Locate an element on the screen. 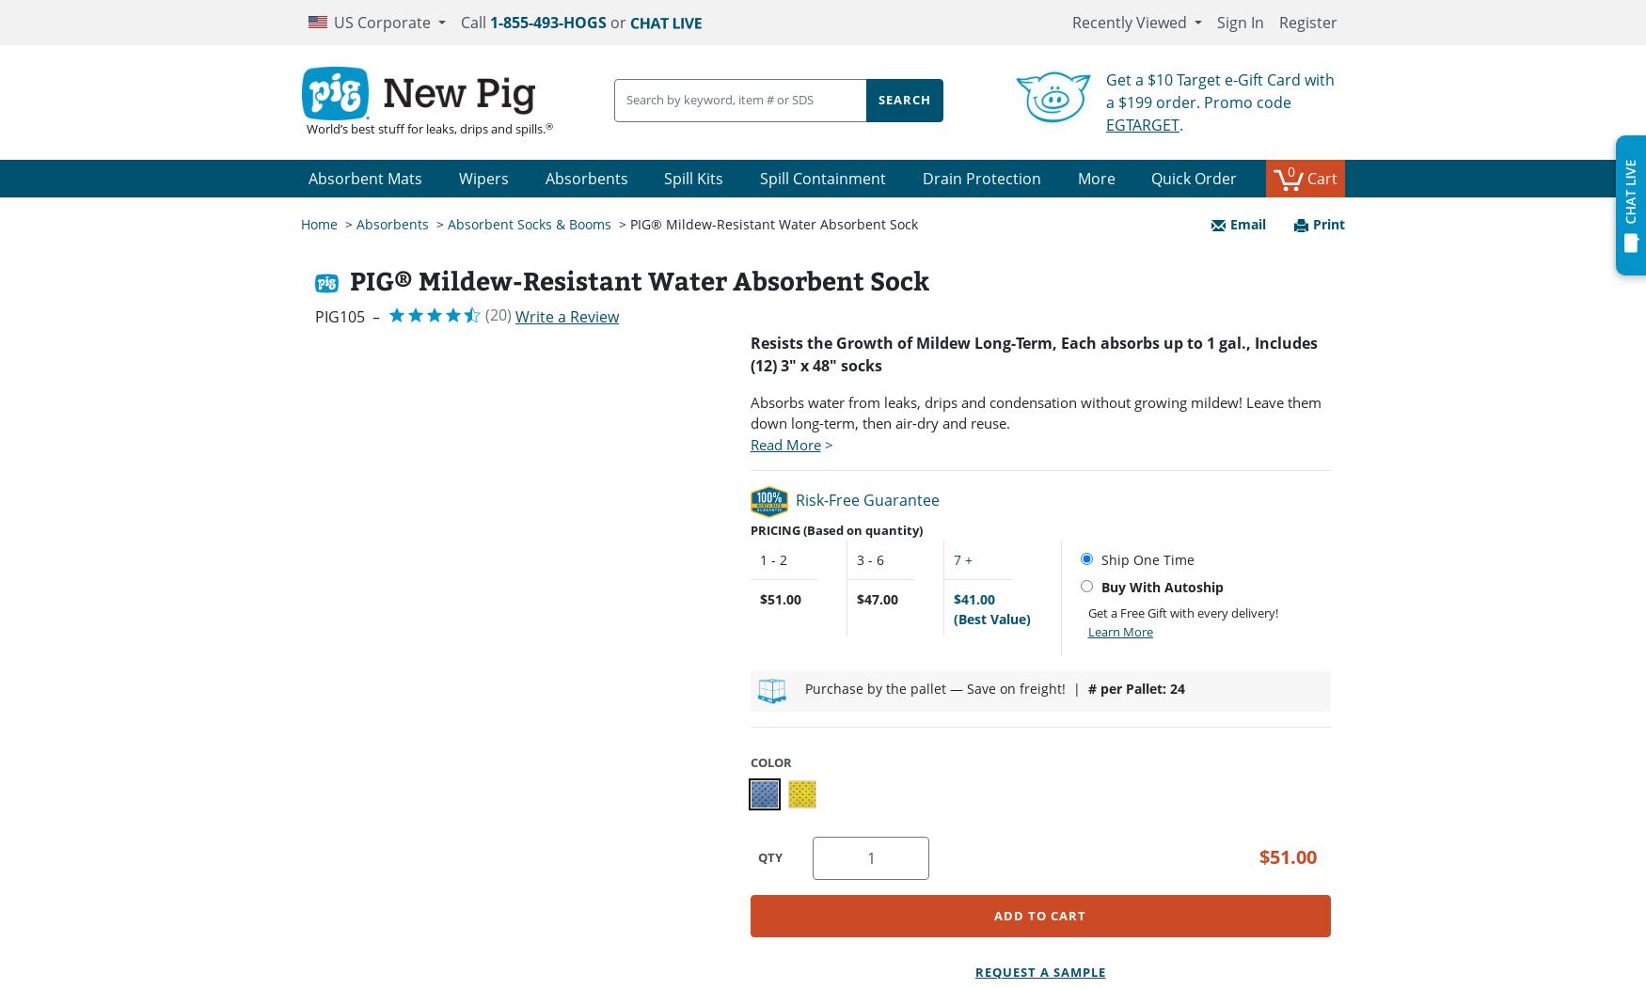 This screenshot has height=989, width=1646. 'Register' is located at coordinates (1307, 22).